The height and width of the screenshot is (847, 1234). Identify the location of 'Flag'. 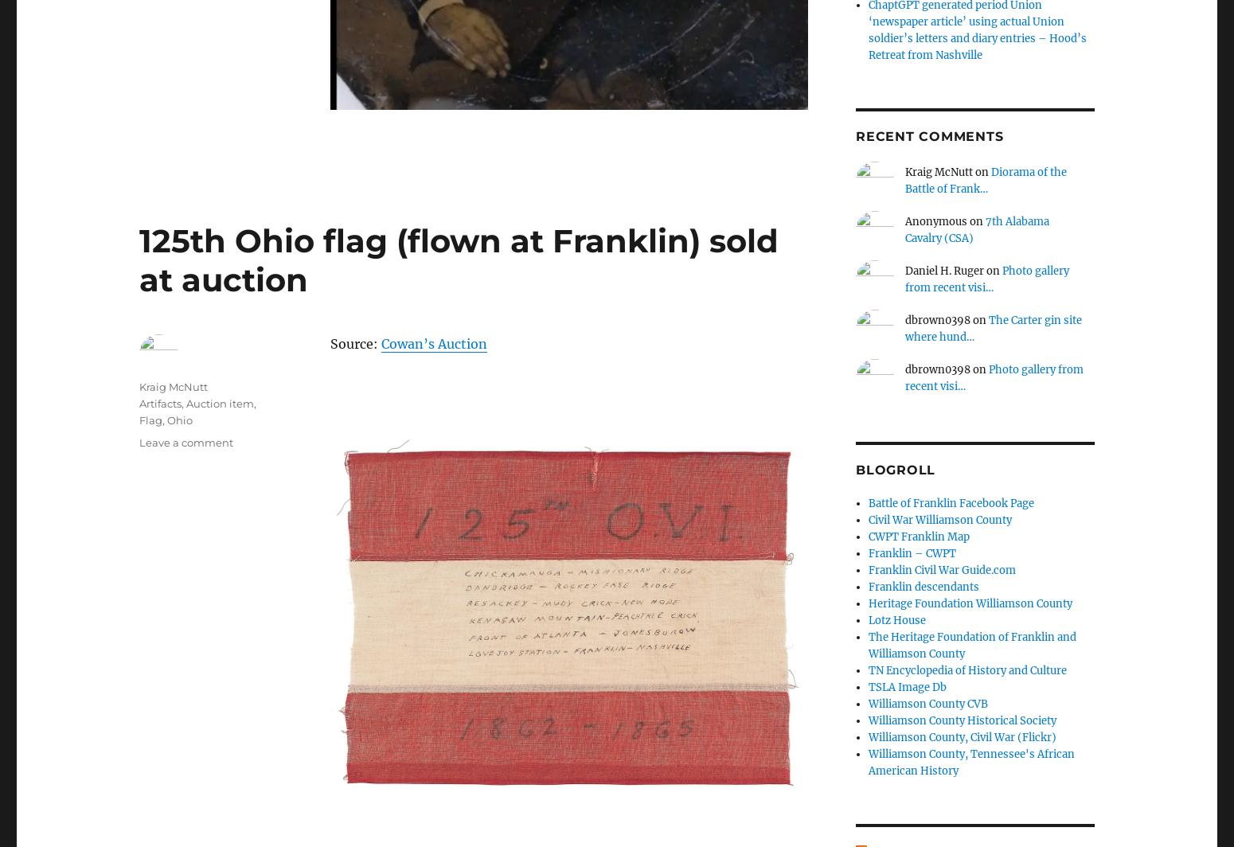
(150, 419).